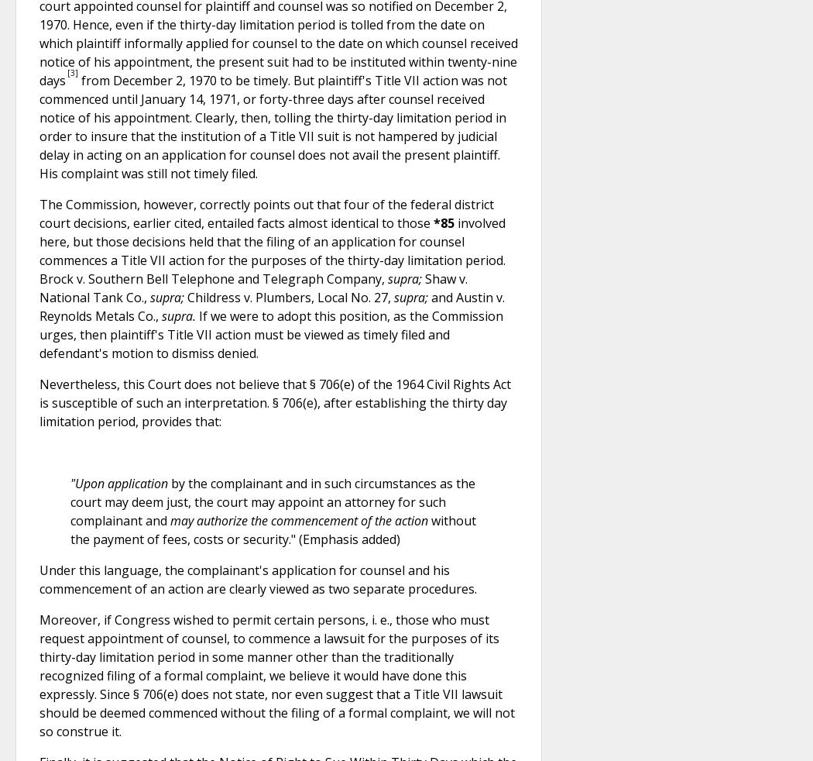 The width and height of the screenshot is (813, 761). What do you see at coordinates (253, 287) in the screenshot?
I see `'Shaw v. National Tank Co.,'` at bounding box center [253, 287].